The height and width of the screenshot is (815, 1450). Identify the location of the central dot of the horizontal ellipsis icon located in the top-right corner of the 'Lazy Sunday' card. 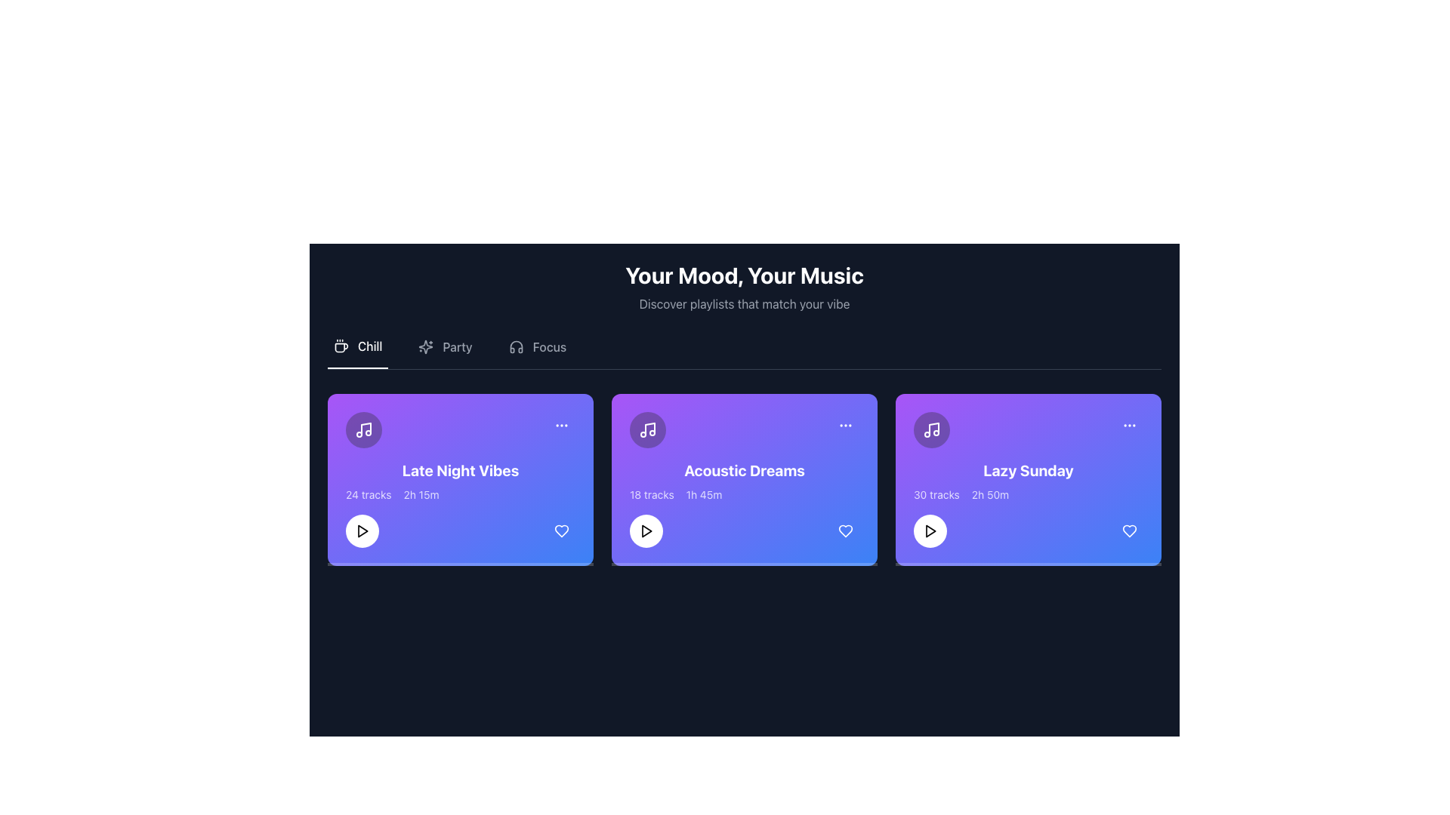
(1130, 425).